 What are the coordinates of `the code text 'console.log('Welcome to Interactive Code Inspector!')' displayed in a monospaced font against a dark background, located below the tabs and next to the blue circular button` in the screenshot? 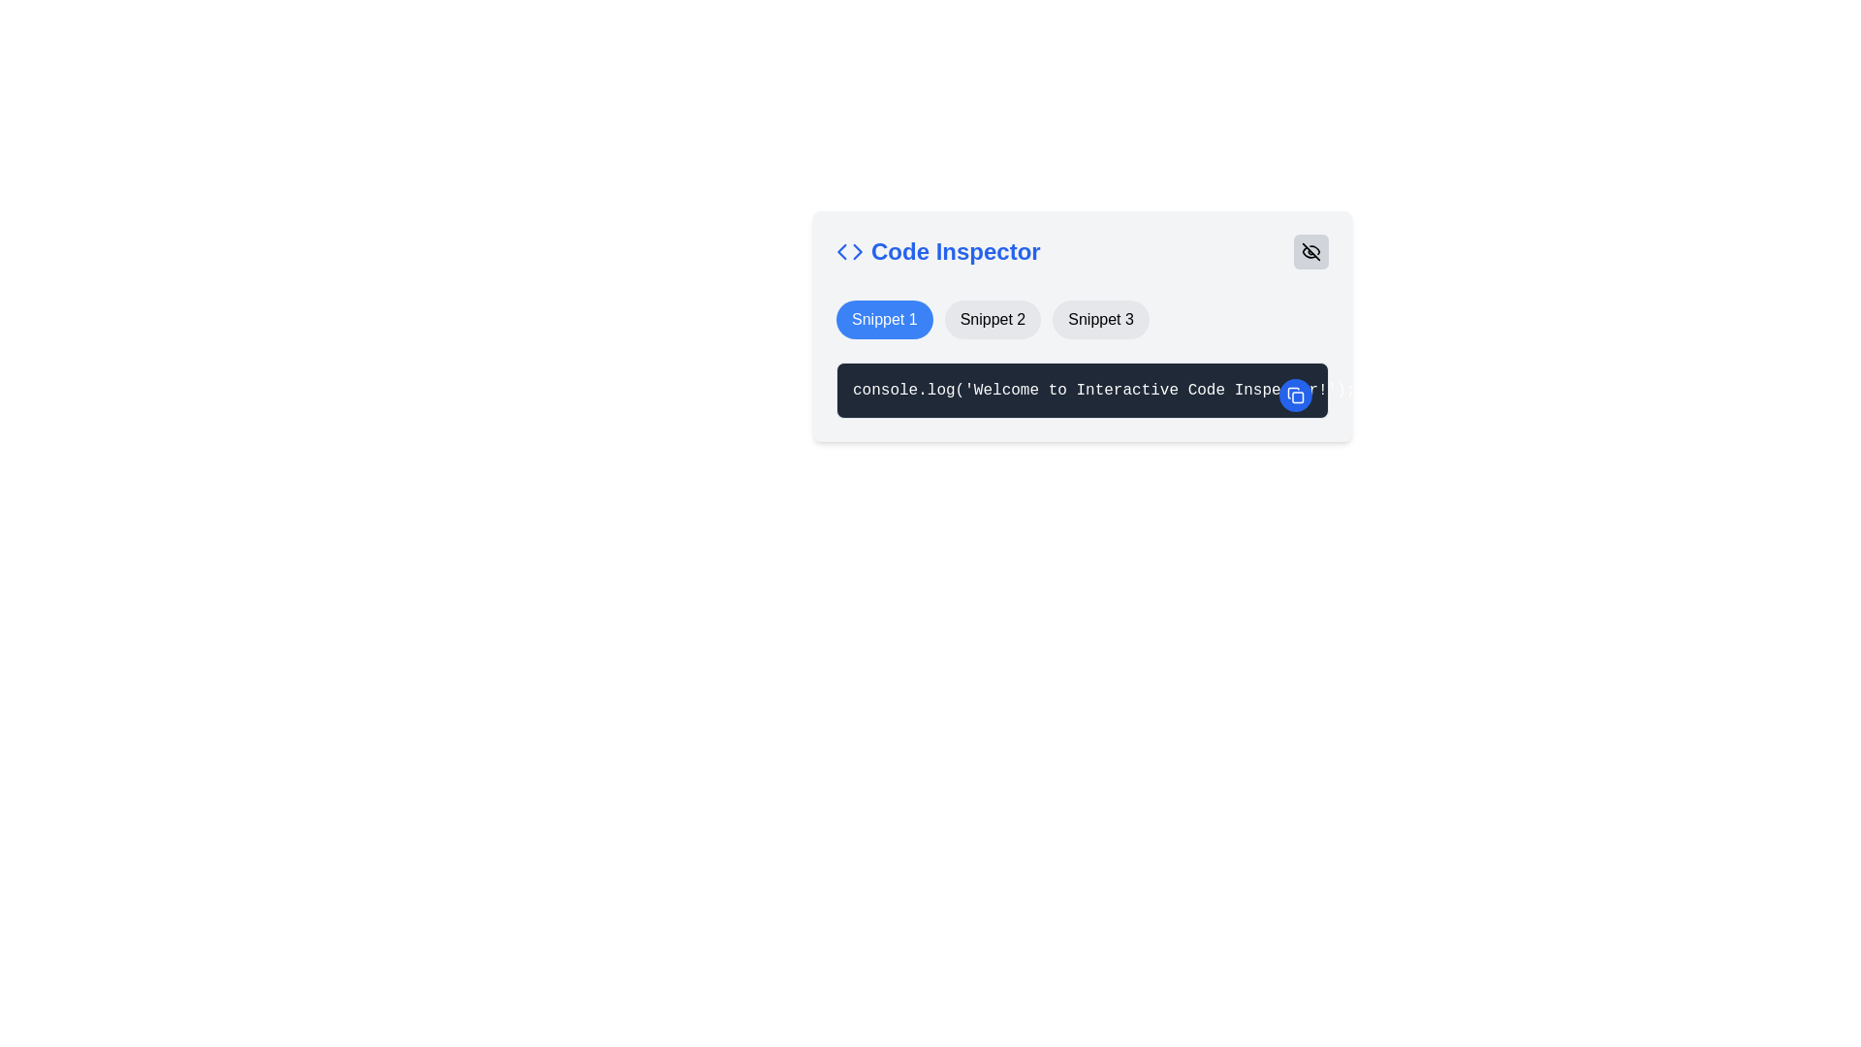 It's located at (1082, 390).